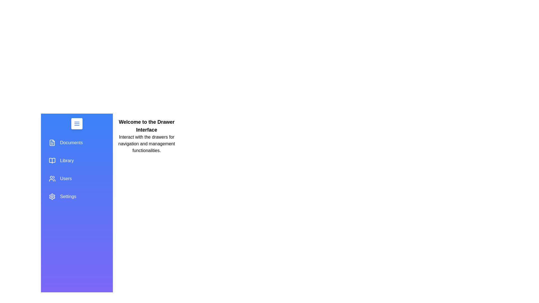 The image size is (539, 303). Describe the element at coordinates (76, 143) in the screenshot. I see `the sidebar section labeled Documents` at that location.